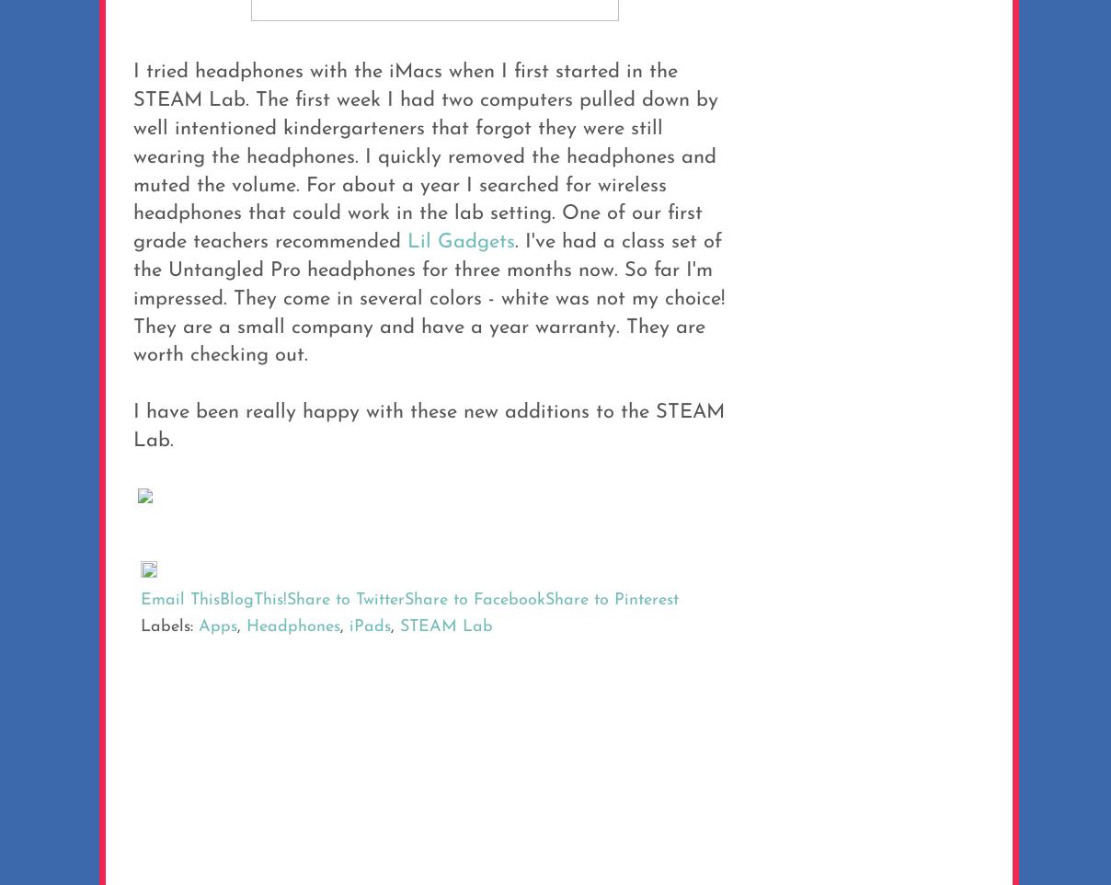 Image resolution: width=1111 pixels, height=885 pixels. I want to click on 'Share to Twitter', so click(345, 600).